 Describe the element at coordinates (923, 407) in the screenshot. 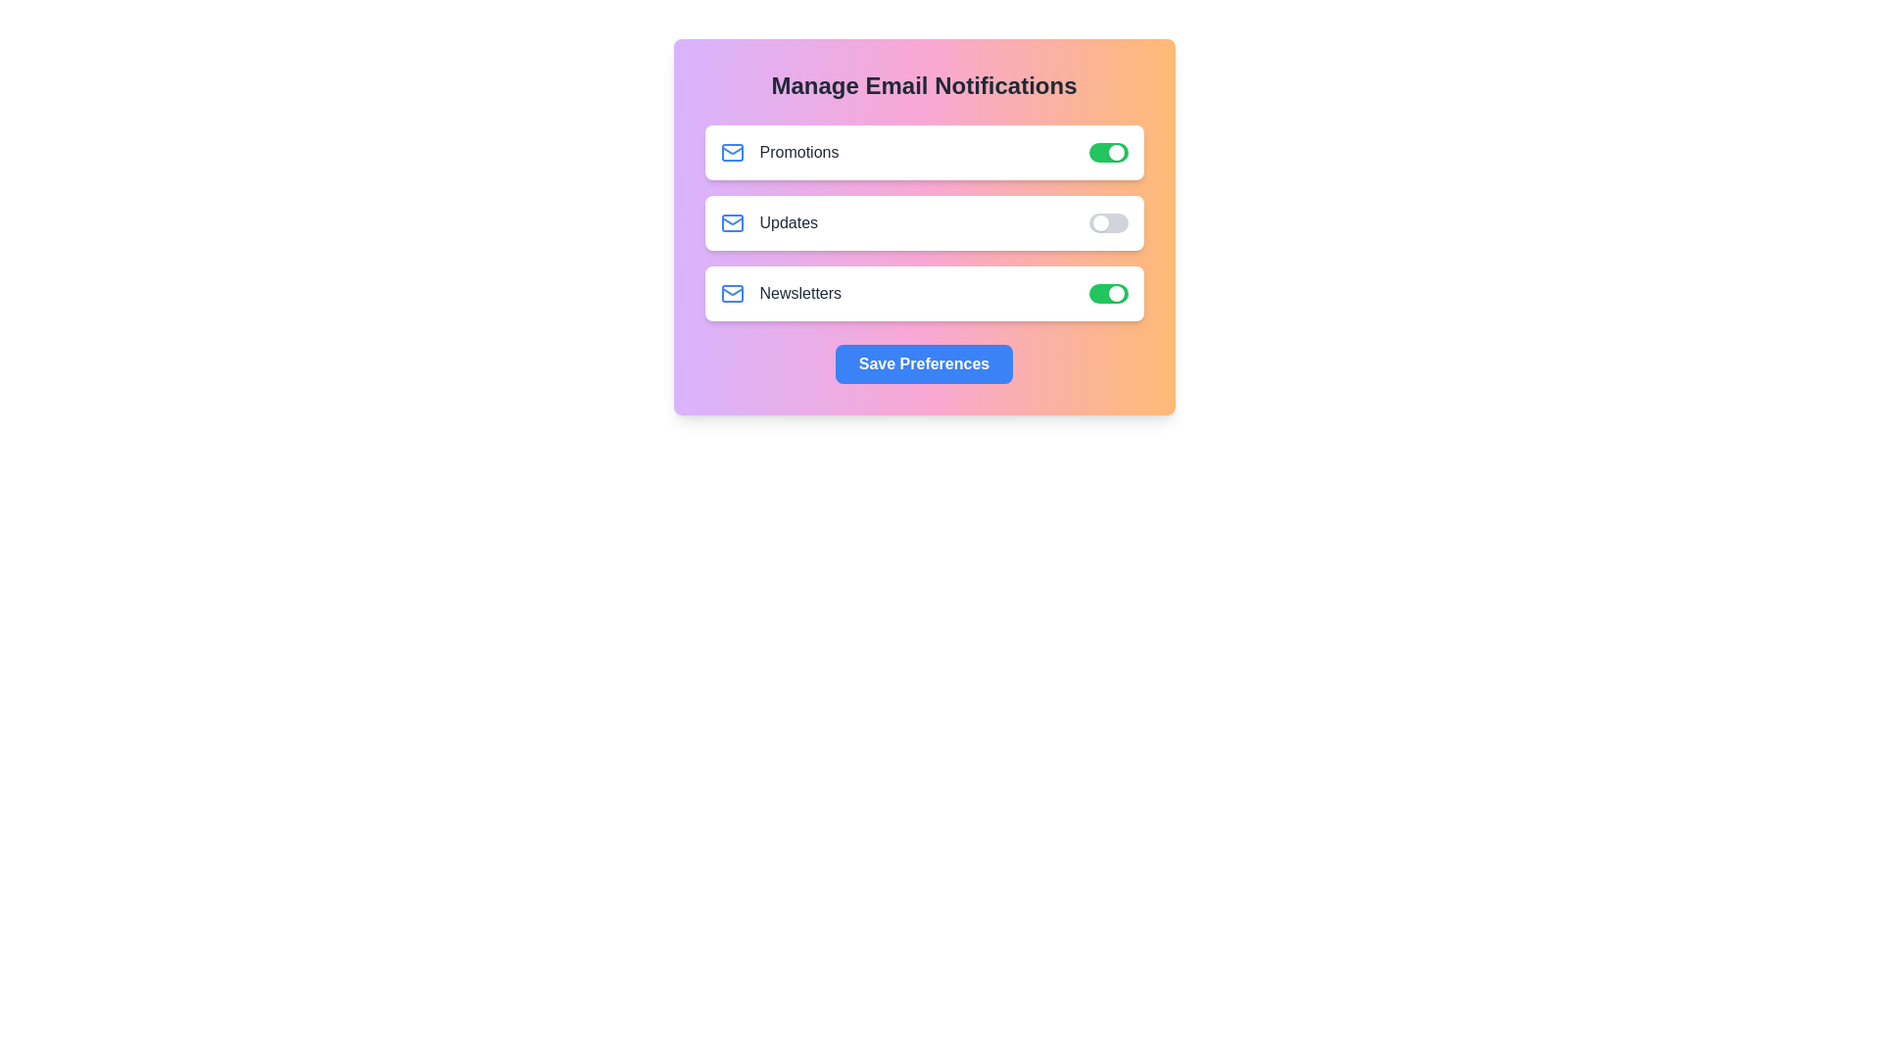

I see `the background area of the component` at that location.